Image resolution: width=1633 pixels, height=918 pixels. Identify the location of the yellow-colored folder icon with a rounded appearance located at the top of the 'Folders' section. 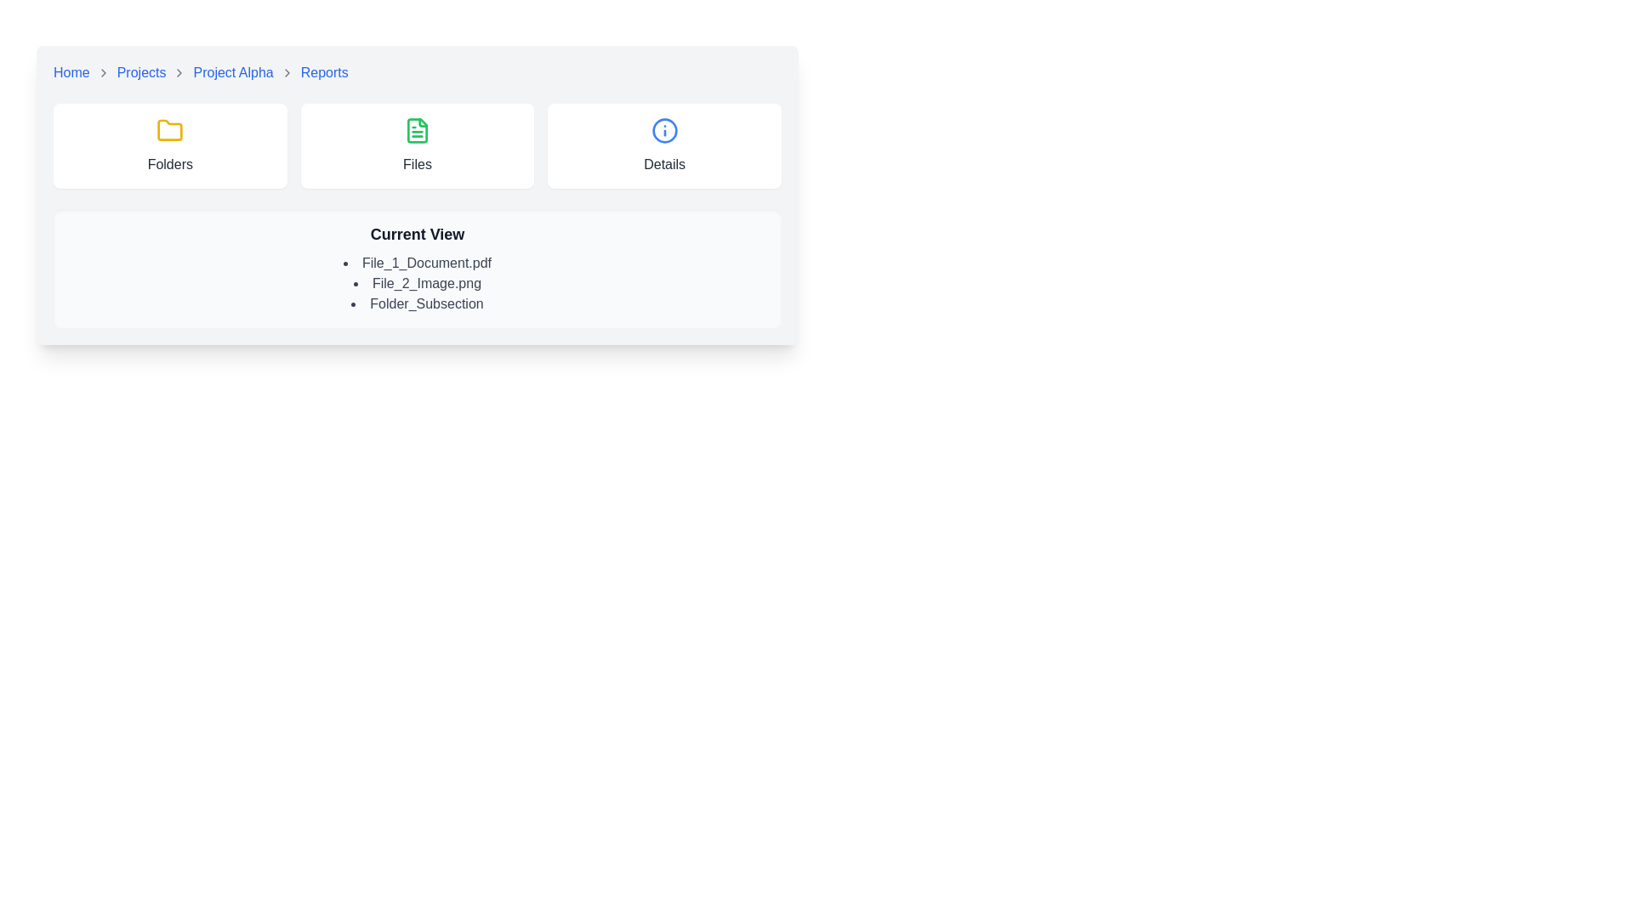
(170, 130).